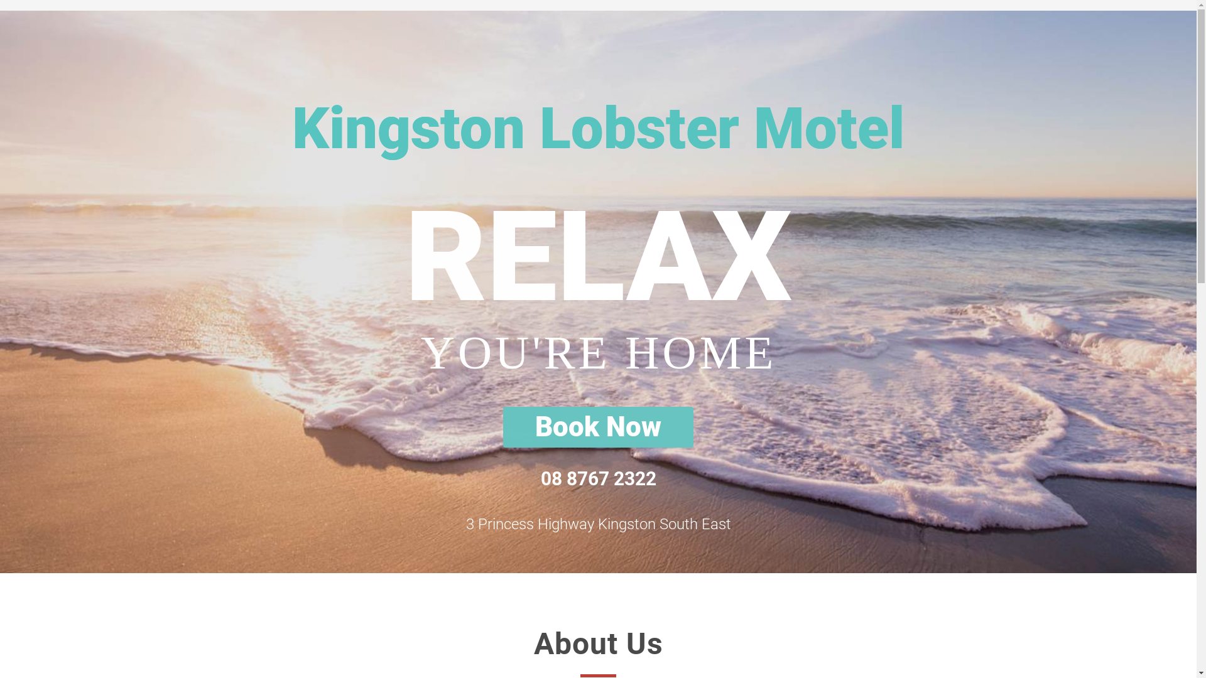 The image size is (1206, 678). I want to click on '08 8767 2322', so click(597, 479).